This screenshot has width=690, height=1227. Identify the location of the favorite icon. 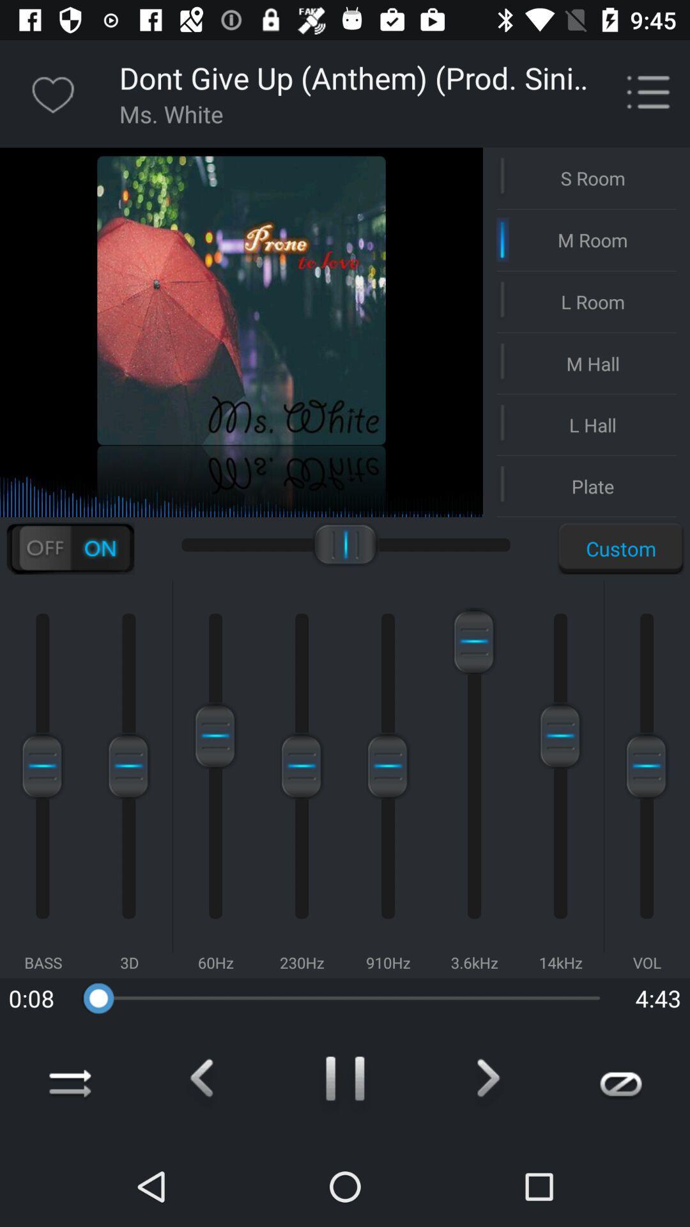
(53, 93).